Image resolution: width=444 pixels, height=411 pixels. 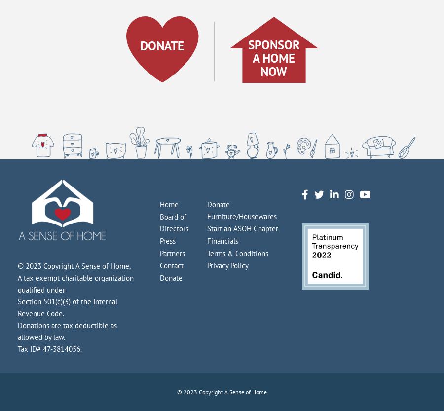 What do you see at coordinates (222, 391) in the screenshot?
I see `'© 2023 Copyright A Sense of Home'` at bounding box center [222, 391].